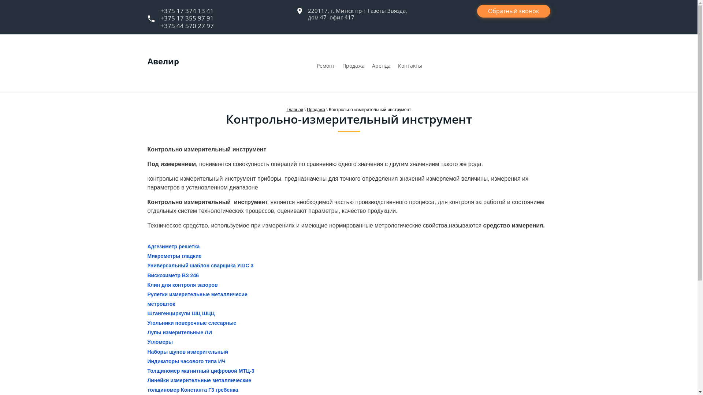 This screenshot has width=703, height=395. What do you see at coordinates (160, 25) in the screenshot?
I see `'+375 44 570 27 97'` at bounding box center [160, 25].